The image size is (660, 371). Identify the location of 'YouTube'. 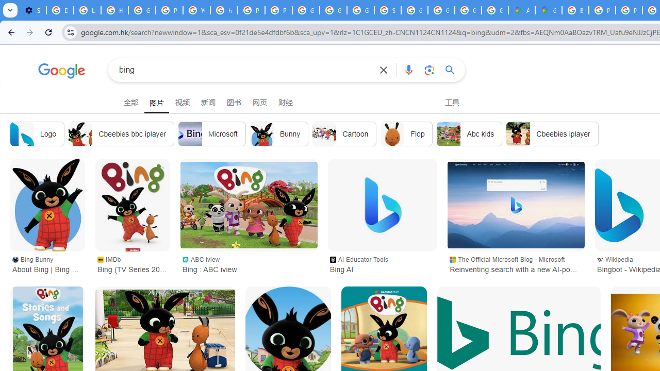
(196, 10).